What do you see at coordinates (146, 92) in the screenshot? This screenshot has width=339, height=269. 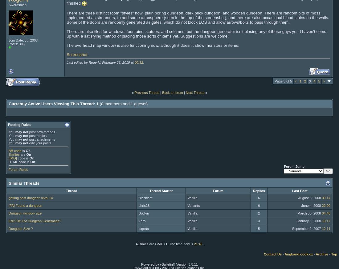 I see `'Previous Thread'` at bounding box center [146, 92].